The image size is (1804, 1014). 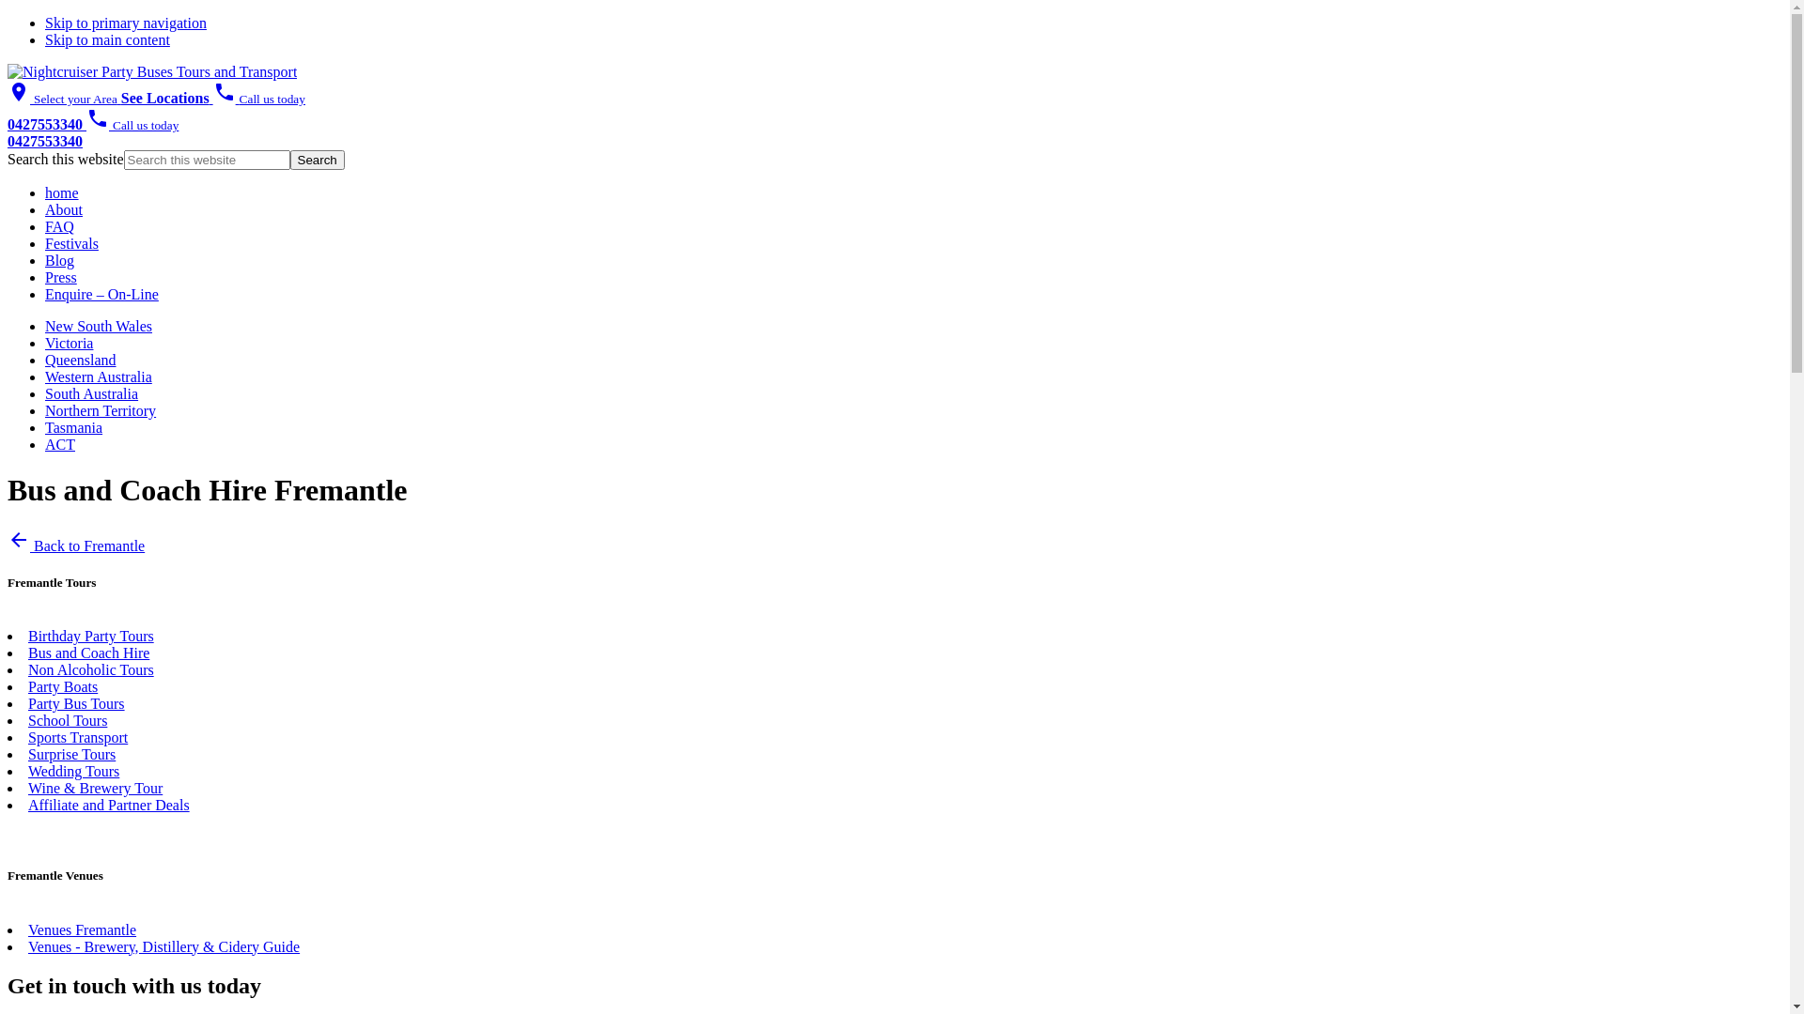 What do you see at coordinates (63, 686) in the screenshot?
I see `'Party Boats'` at bounding box center [63, 686].